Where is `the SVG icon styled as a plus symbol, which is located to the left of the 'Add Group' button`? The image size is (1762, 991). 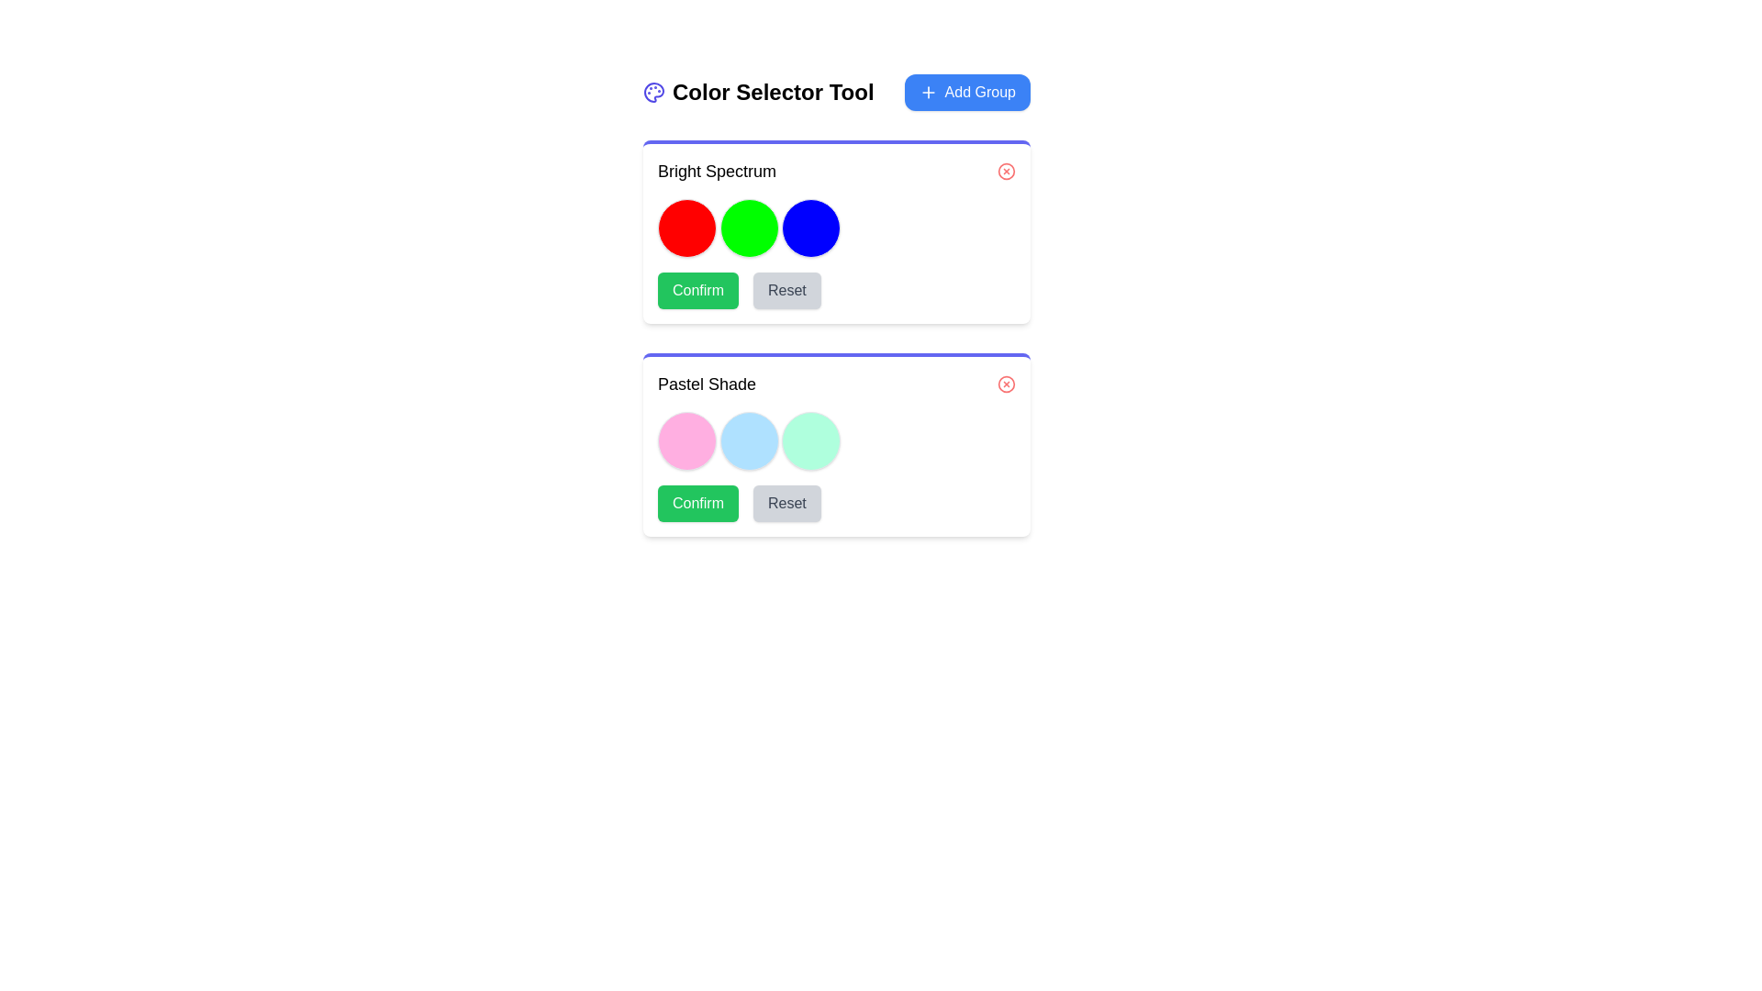
the SVG icon styled as a plus symbol, which is located to the left of the 'Add Group' button is located at coordinates (928, 92).